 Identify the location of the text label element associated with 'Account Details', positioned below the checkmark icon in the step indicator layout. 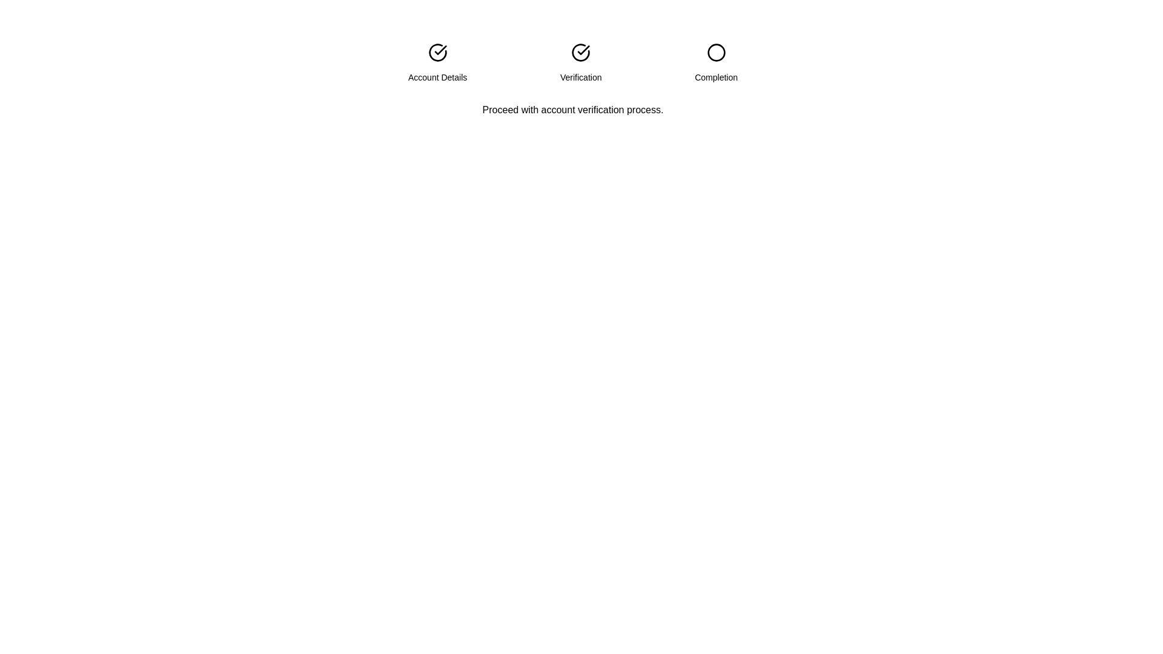
(437, 63).